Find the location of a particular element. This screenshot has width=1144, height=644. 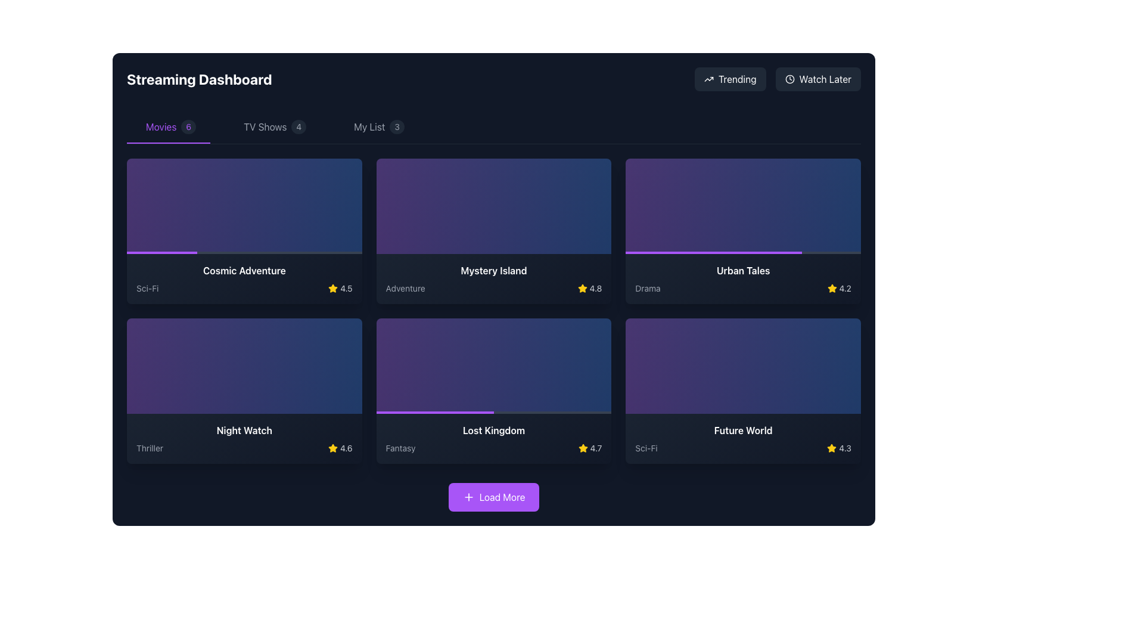

the 'Movies' navigation label is located at coordinates (160, 126).